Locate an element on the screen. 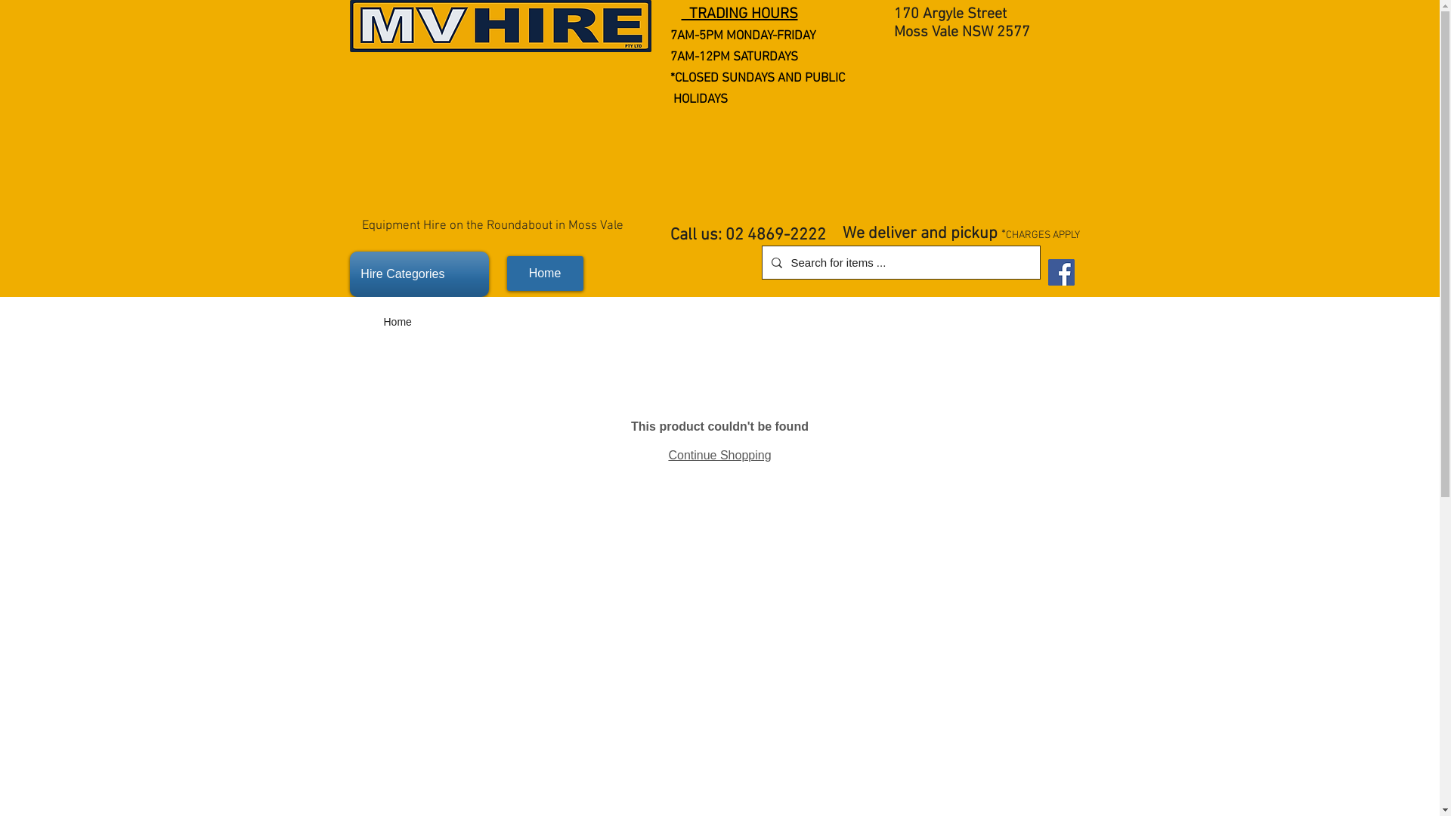 The height and width of the screenshot is (816, 1451). 'Continue Shopping' is located at coordinates (718, 454).